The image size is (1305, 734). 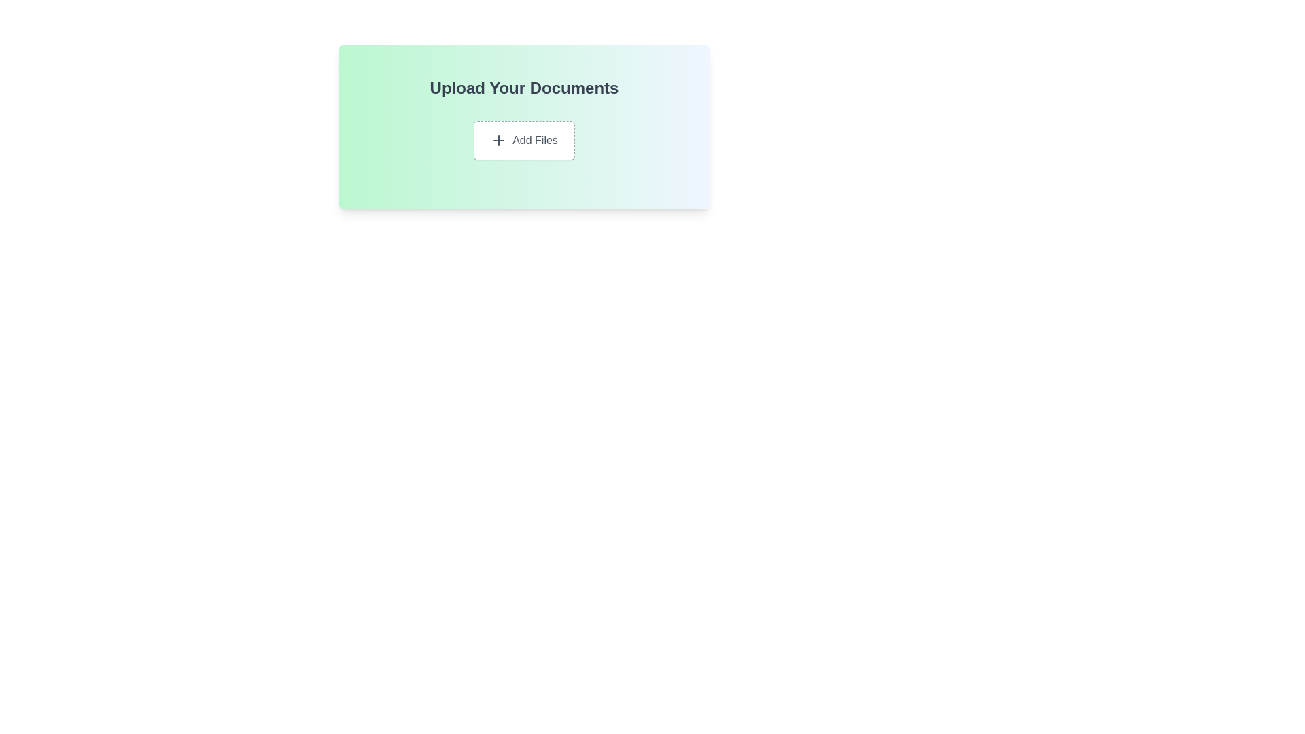 What do you see at coordinates (523, 141) in the screenshot?
I see `the dashed border button labeled 'Add Files' that is located below the heading 'Upload Your Documents' for interaction` at bounding box center [523, 141].